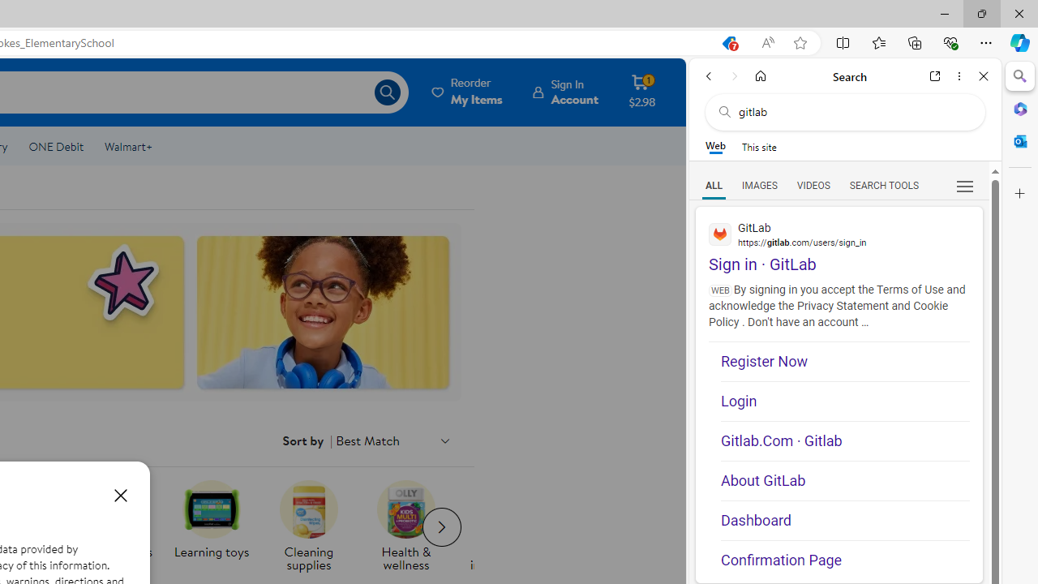 Image resolution: width=1038 pixels, height=584 pixels. Describe the element at coordinates (883, 184) in the screenshot. I see `'SEARCH TOOLS'` at that location.